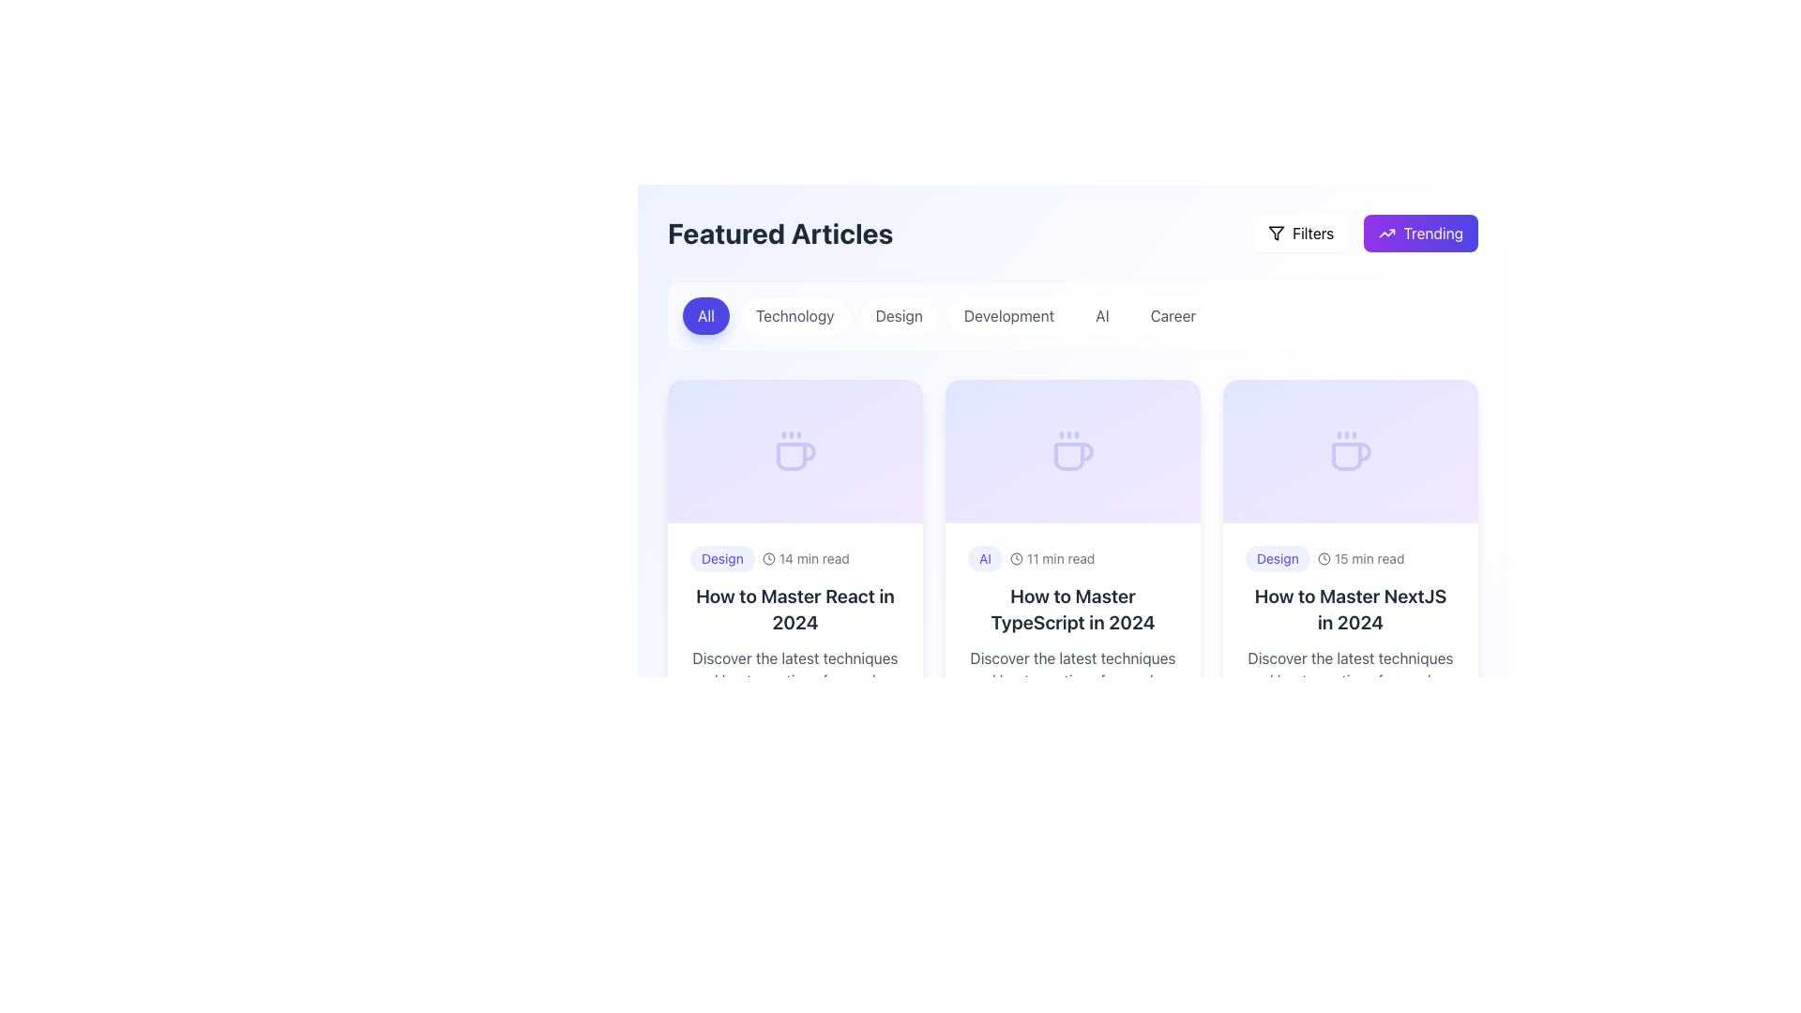  What do you see at coordinates (1015, 558) in the screenshot?
I see `the circular outline of the clock icon located in the header section of each article card, which serves as the background for the reading duration feature` at bounding box center [1015, 558].